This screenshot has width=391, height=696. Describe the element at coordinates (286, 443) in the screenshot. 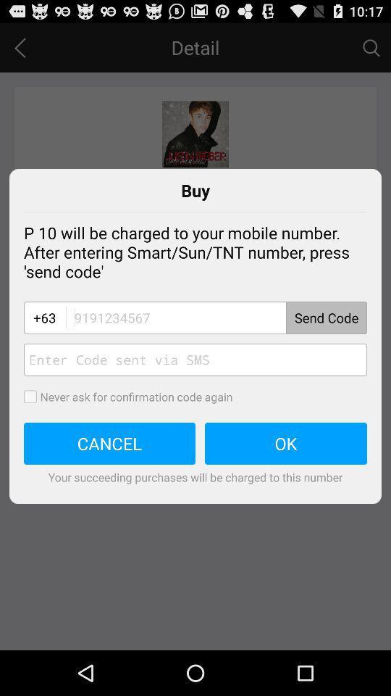

I see `the ok icon` at that location.